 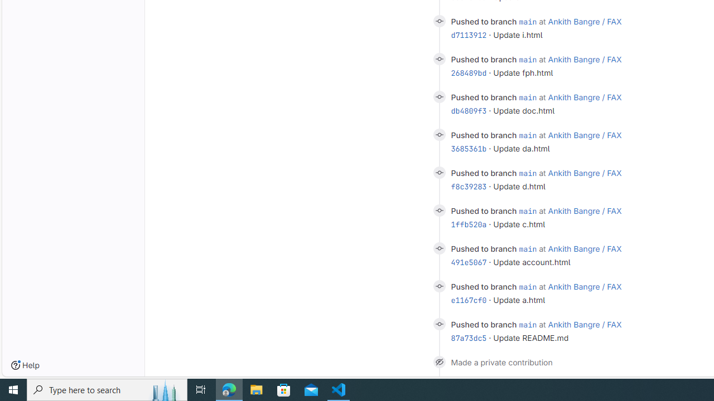 What do you see at coordinates (25, 365) in the screenshot?
I see `'Help'` at bounding box center [25, 365].